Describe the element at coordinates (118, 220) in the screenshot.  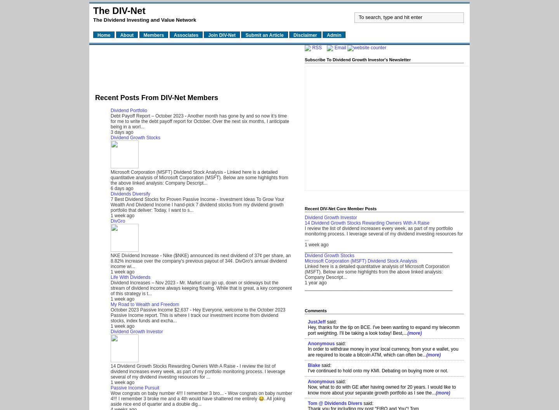
I see `'DivGro'` at that location.